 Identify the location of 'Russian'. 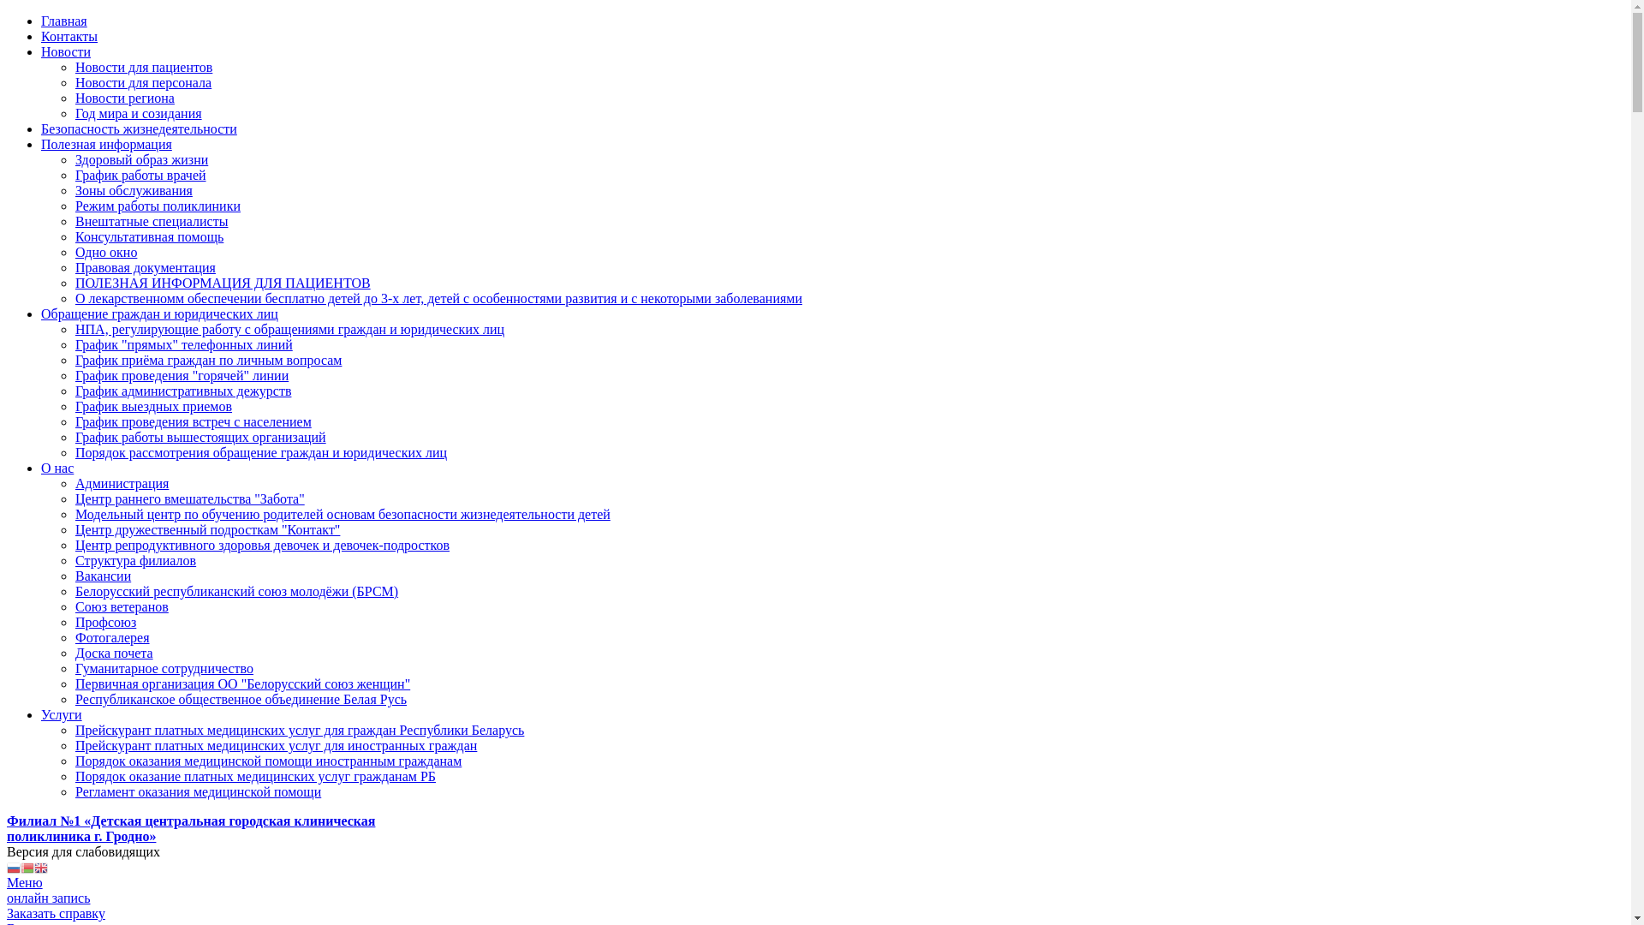
(13, 867).